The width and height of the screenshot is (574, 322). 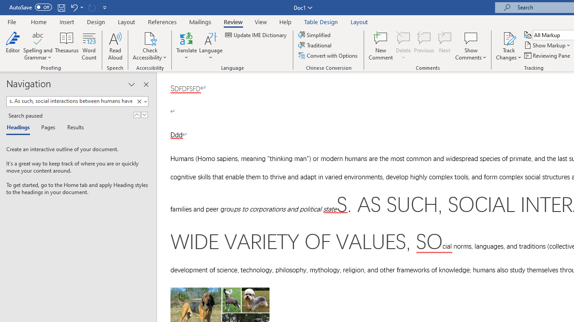 I want to click on 'Headings', so click(x=20, y=128).